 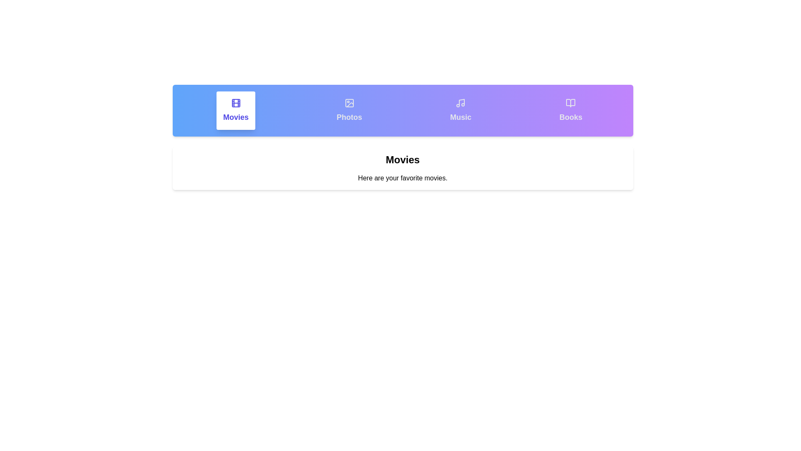 What do you see at coordinates (349, 110) in the screenshot?
I see `the tab labeled Photos to display its content` at bounding box center [349, 110].